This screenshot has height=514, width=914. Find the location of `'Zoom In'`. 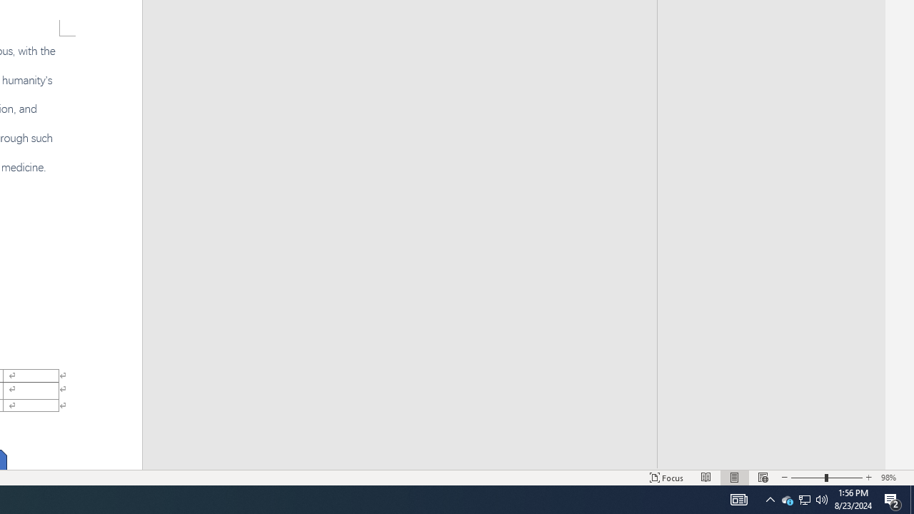

'Zoom In' is located at coordinates (868, 478).